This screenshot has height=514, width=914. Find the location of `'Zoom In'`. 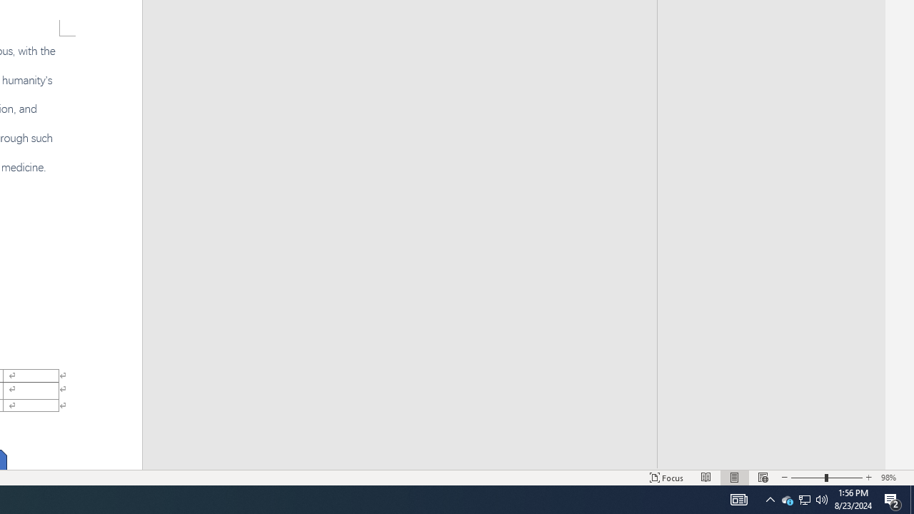

'Zoom In' is located at coordinates (868, 478).